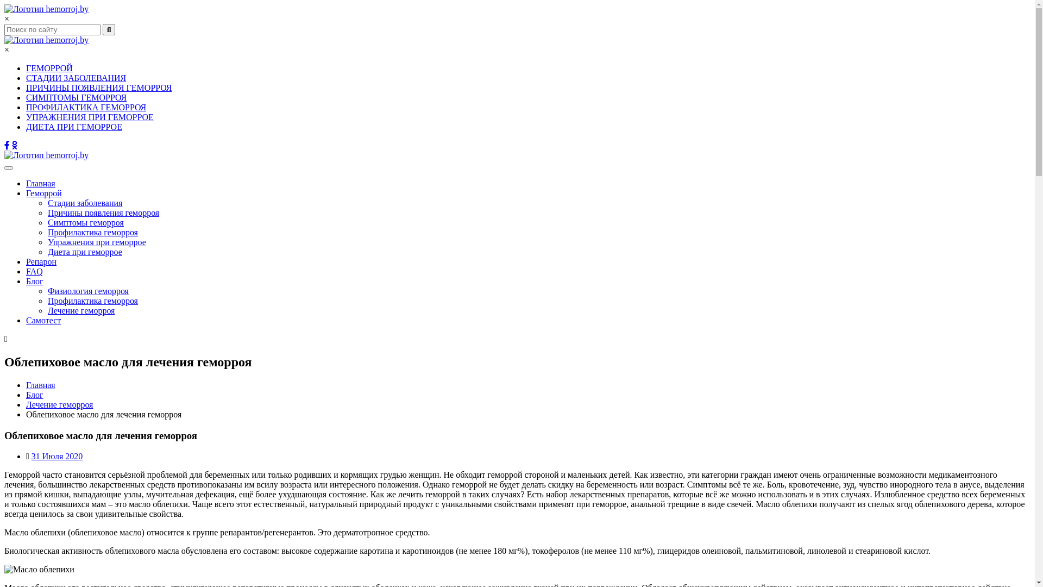  What do you see at coordinates (34, 271) in the screenshot?
I see `'FAQ'` at bounding box center [34, 271].